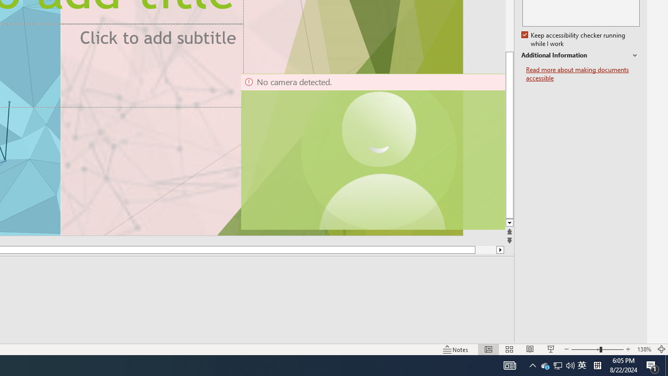  What do you see at coordinates (379, 151) in the screenshot?
I see `'Camera 11, No camera detected.'` at bounding box center [379, 151].